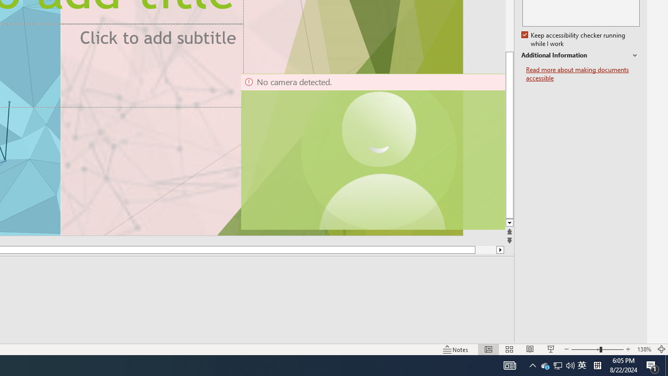  What do you see at coordinates (379, 151) in the screenshot?
I see `'Camera 11, No camera detected.'` at bounding box center [379, 151].